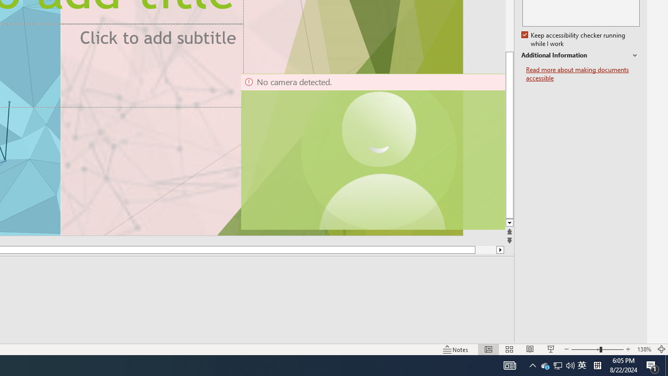  What do you see at coordinates (379, 151) in the screenshot?
I see `'Camera 11, No camera detected.'` at bounding box center [379, 151].